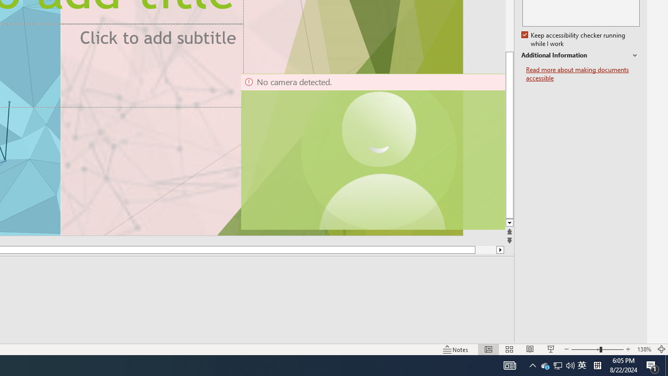  What do you see at coordinates (379, 151) in the screenshot?
I see `'Camera 11, No camera detected.'` at bounding box center [379, 151].